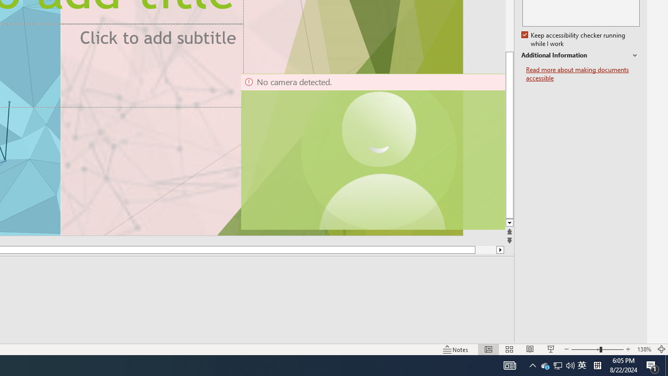  What do you see at coordinates (379, 151) in the screenshot?
I see `'Camera 11, No camera detected.'` at bounding box center [379, 151].